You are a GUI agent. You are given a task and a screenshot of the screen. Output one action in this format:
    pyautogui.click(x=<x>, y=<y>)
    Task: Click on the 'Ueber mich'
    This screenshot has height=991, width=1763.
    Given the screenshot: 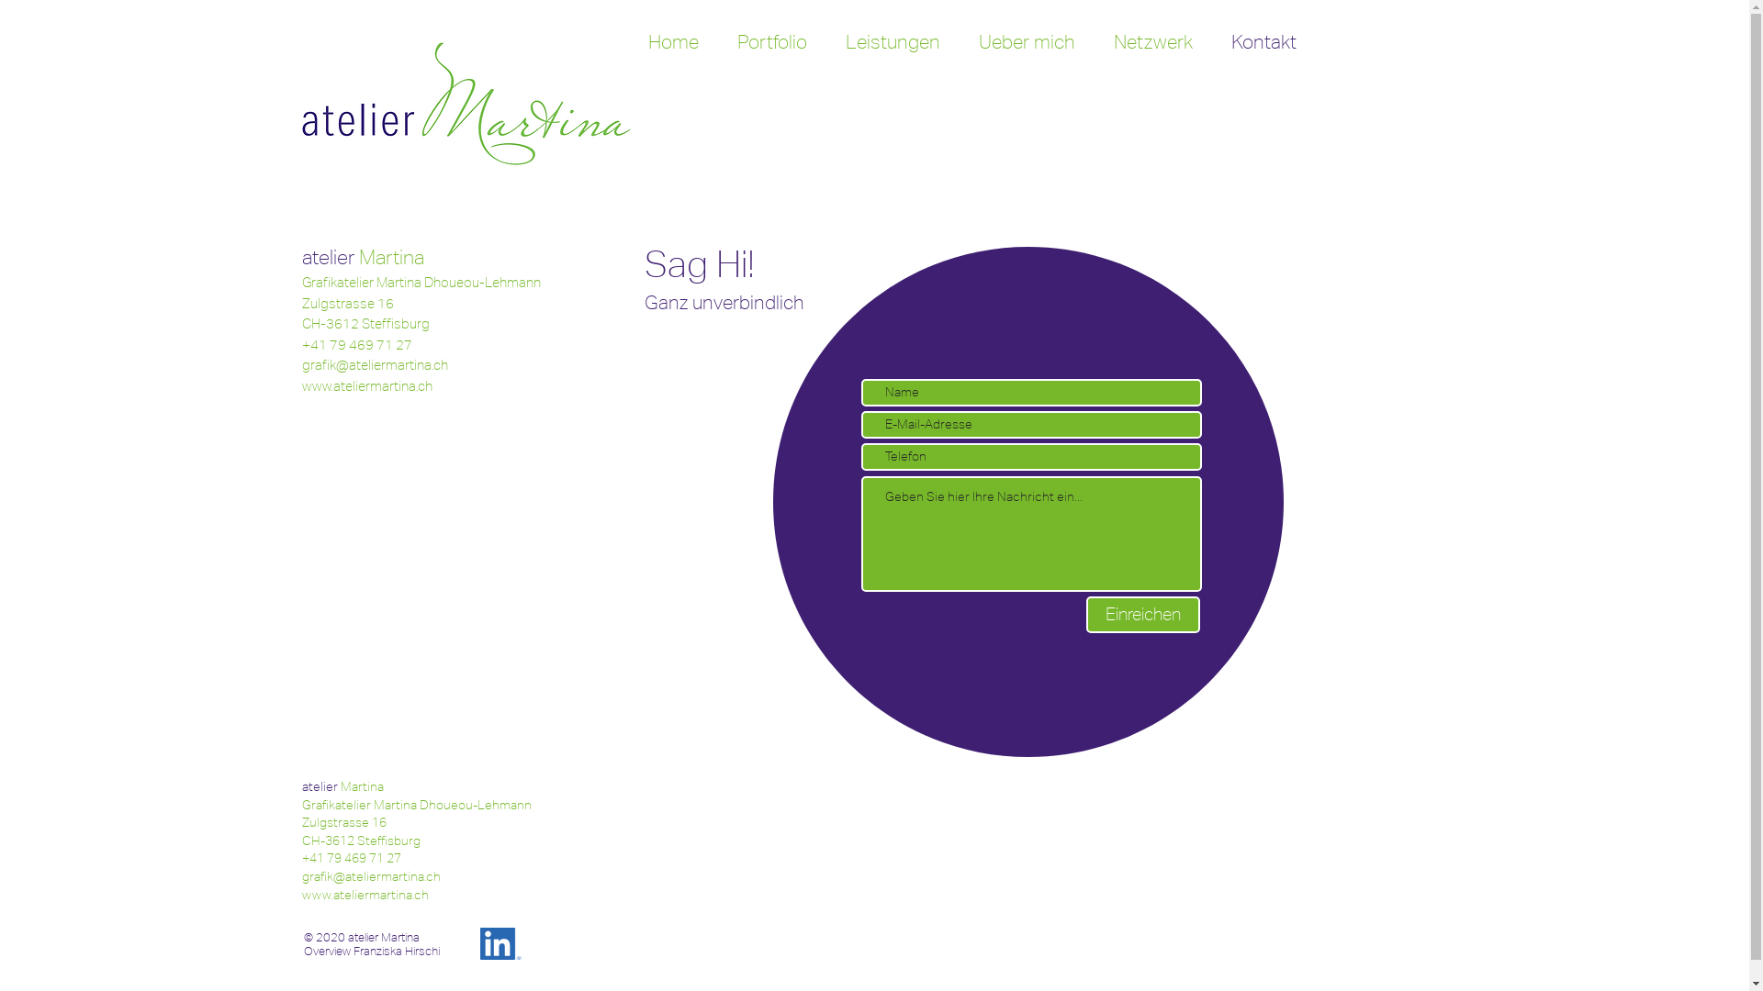 What is the action you would take?
    pyautogui.click(x=1025, y=41)
    